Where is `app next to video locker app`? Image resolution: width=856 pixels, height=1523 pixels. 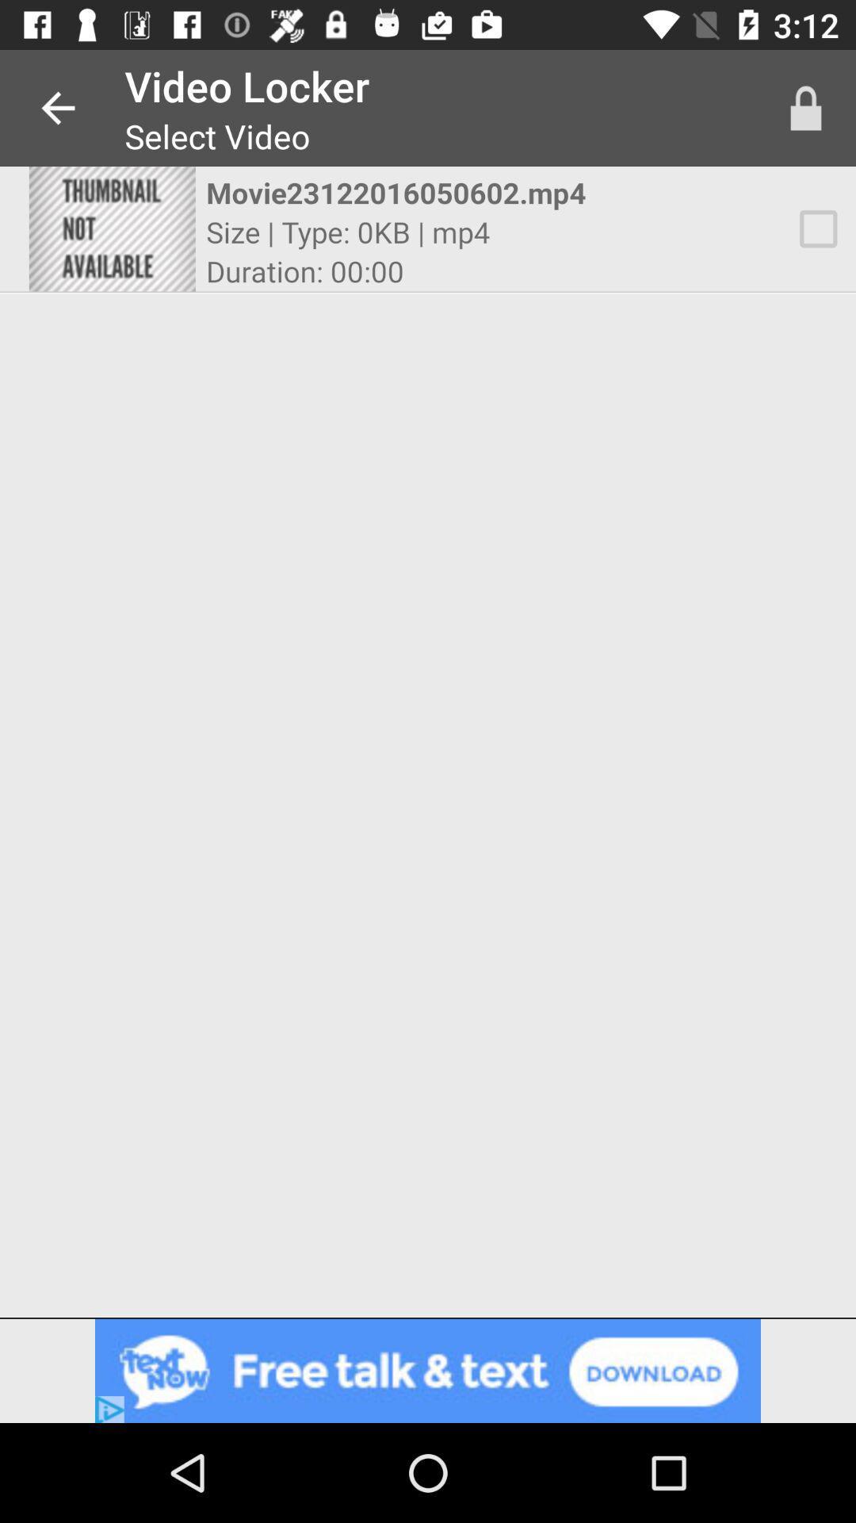
app next to video locker app is located at coordinates (57, 107).